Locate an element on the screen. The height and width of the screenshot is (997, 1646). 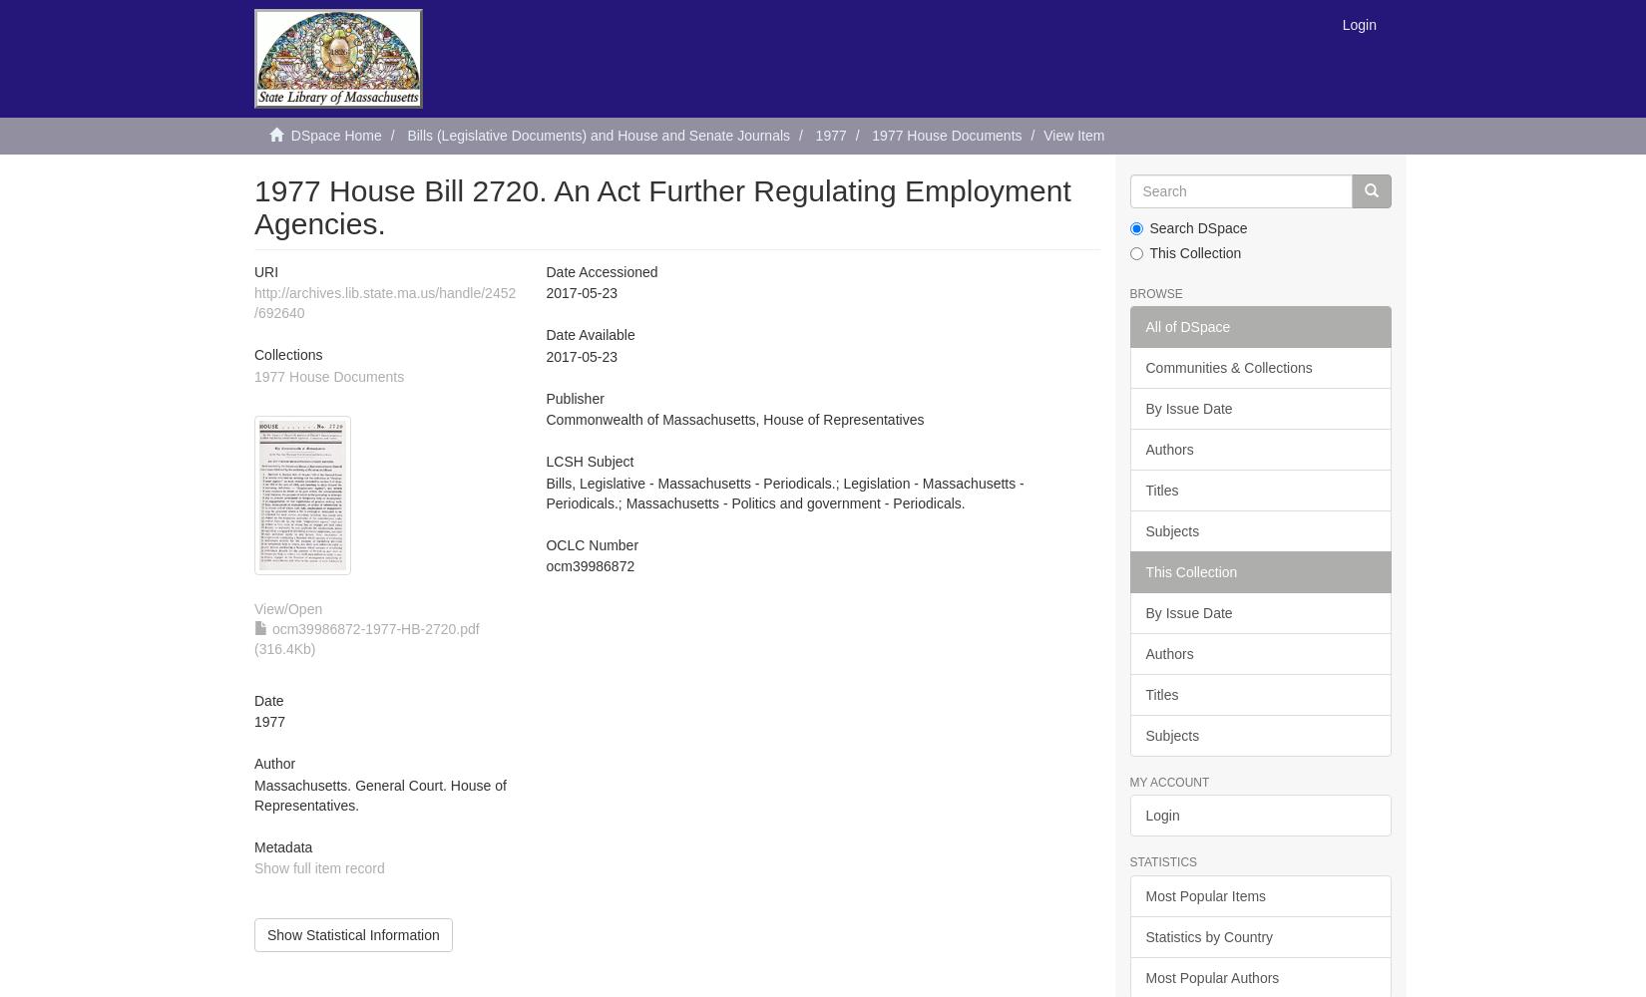
'Search DSpace' is located at coordinates (1198, 227).